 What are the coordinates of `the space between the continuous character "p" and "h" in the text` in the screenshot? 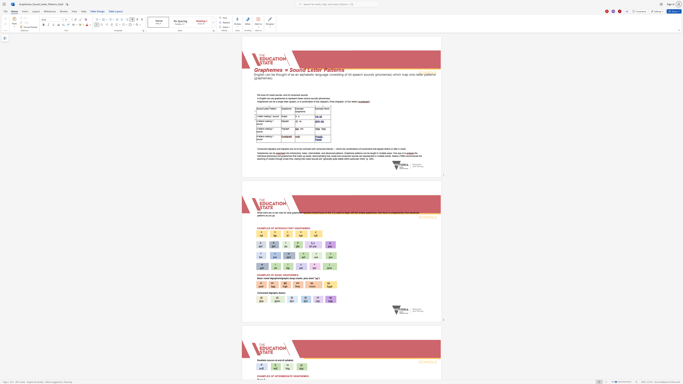 It's located at (286, 116).